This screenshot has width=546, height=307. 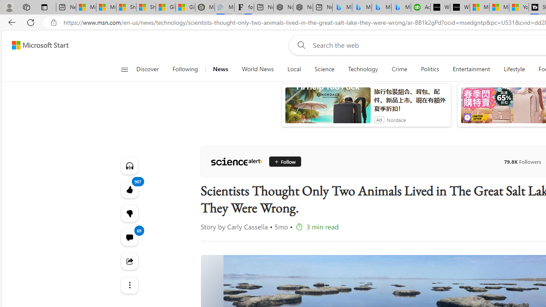 I want to click on 'Science', so click(x=324, y=69).